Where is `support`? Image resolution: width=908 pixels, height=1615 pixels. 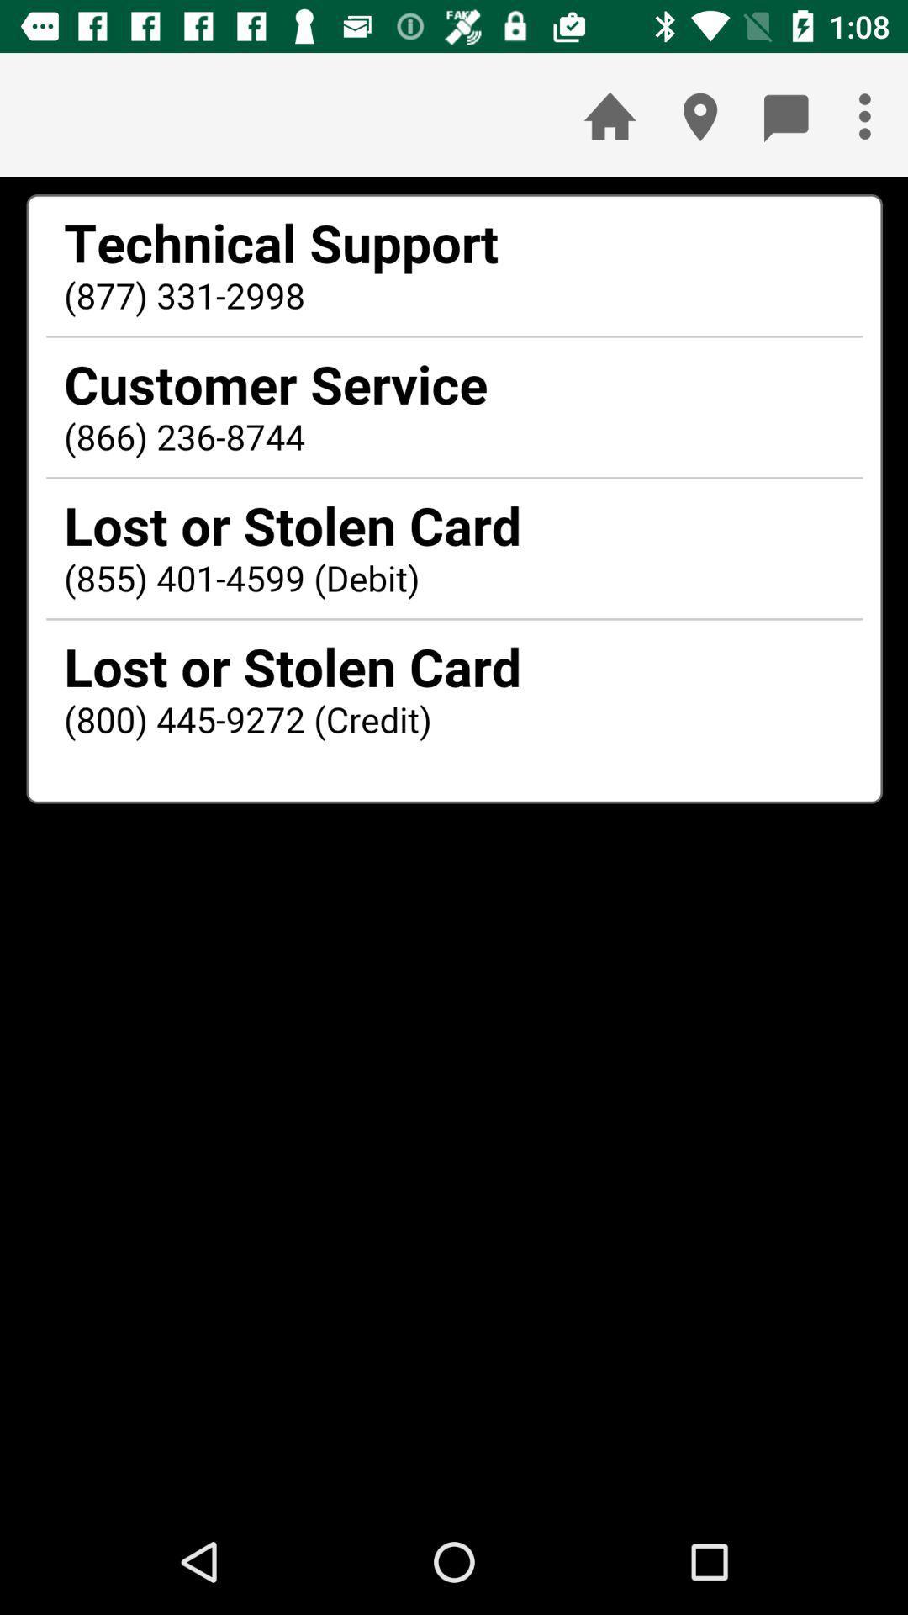 support is located at coordinates (454, 843).